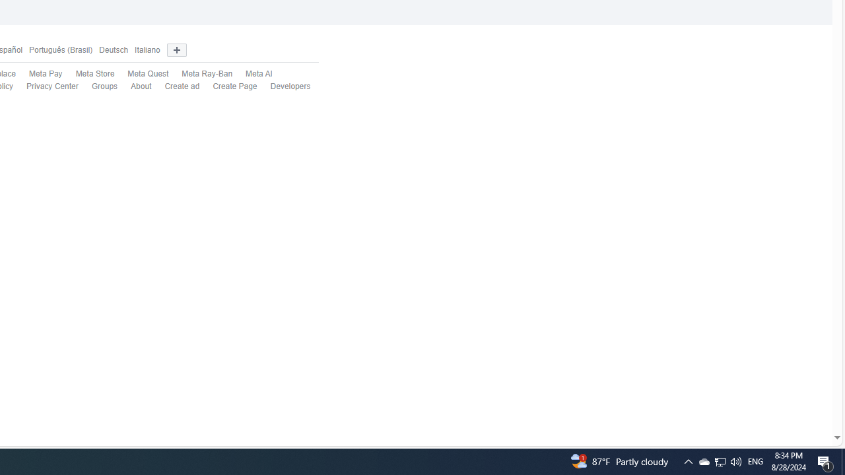 This screenshot has height=475, width=845. I want to click on 'Meta Store', so click(87, 75).